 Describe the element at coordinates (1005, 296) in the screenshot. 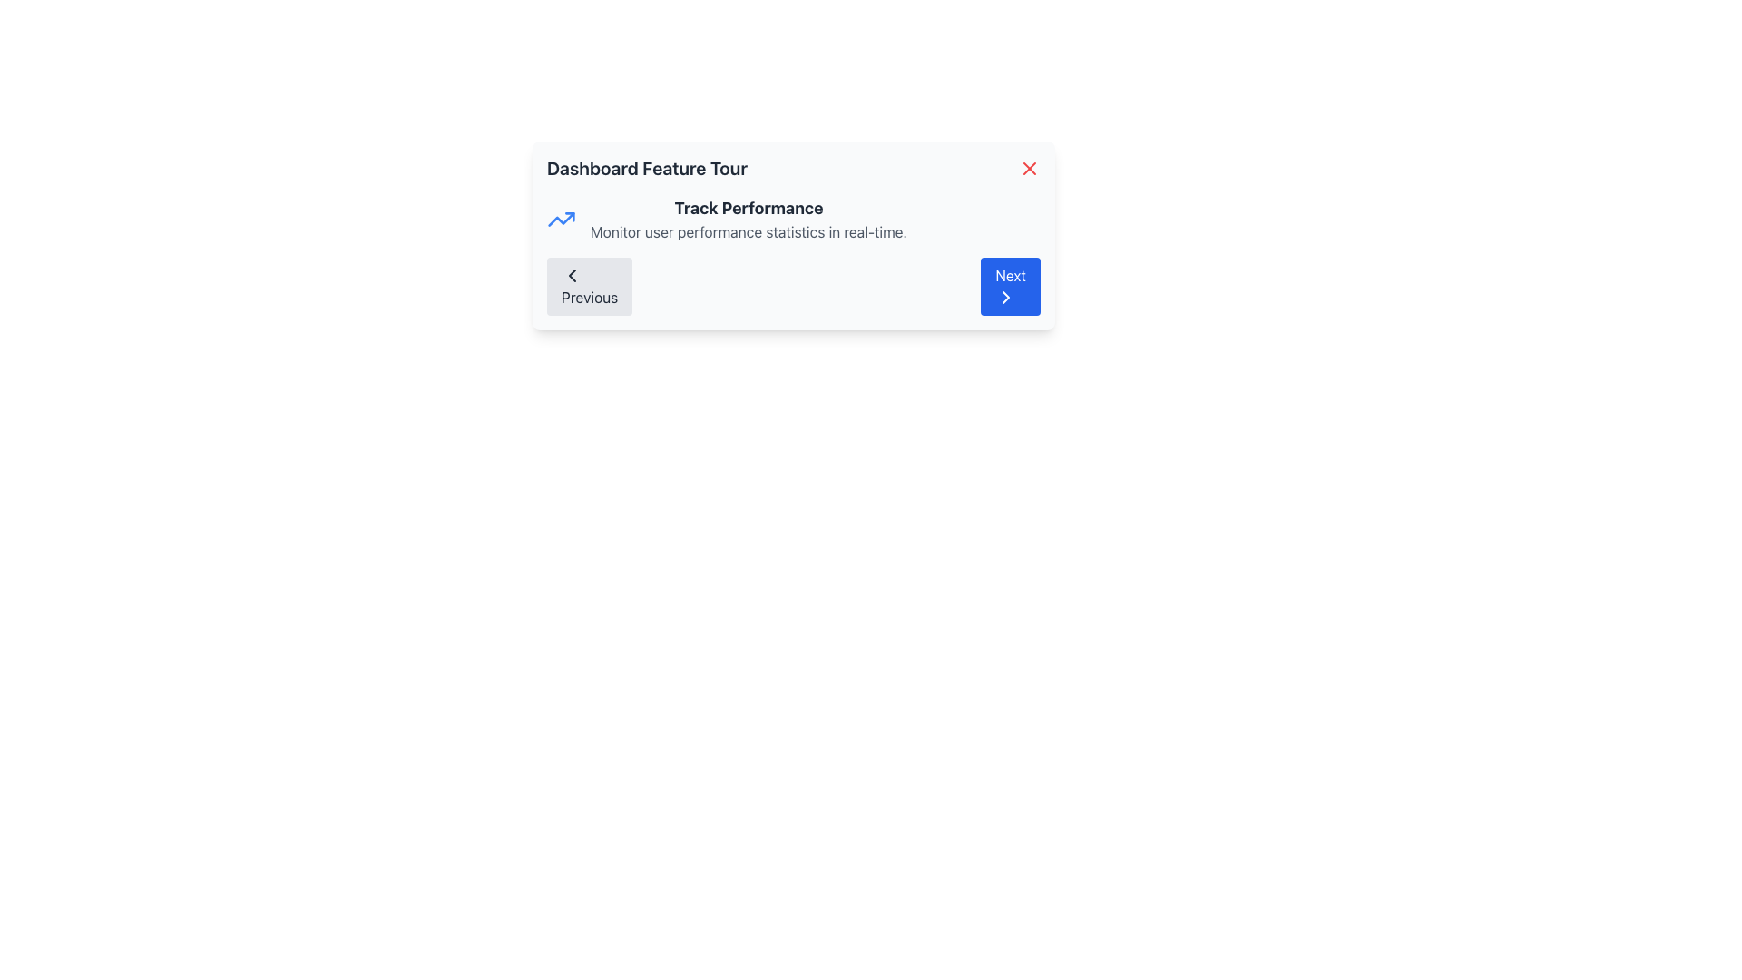

I see `the rightward-pointing chevron icon within the 'Next' button on the 'Dashboard Feature Tour' modal` at that location.